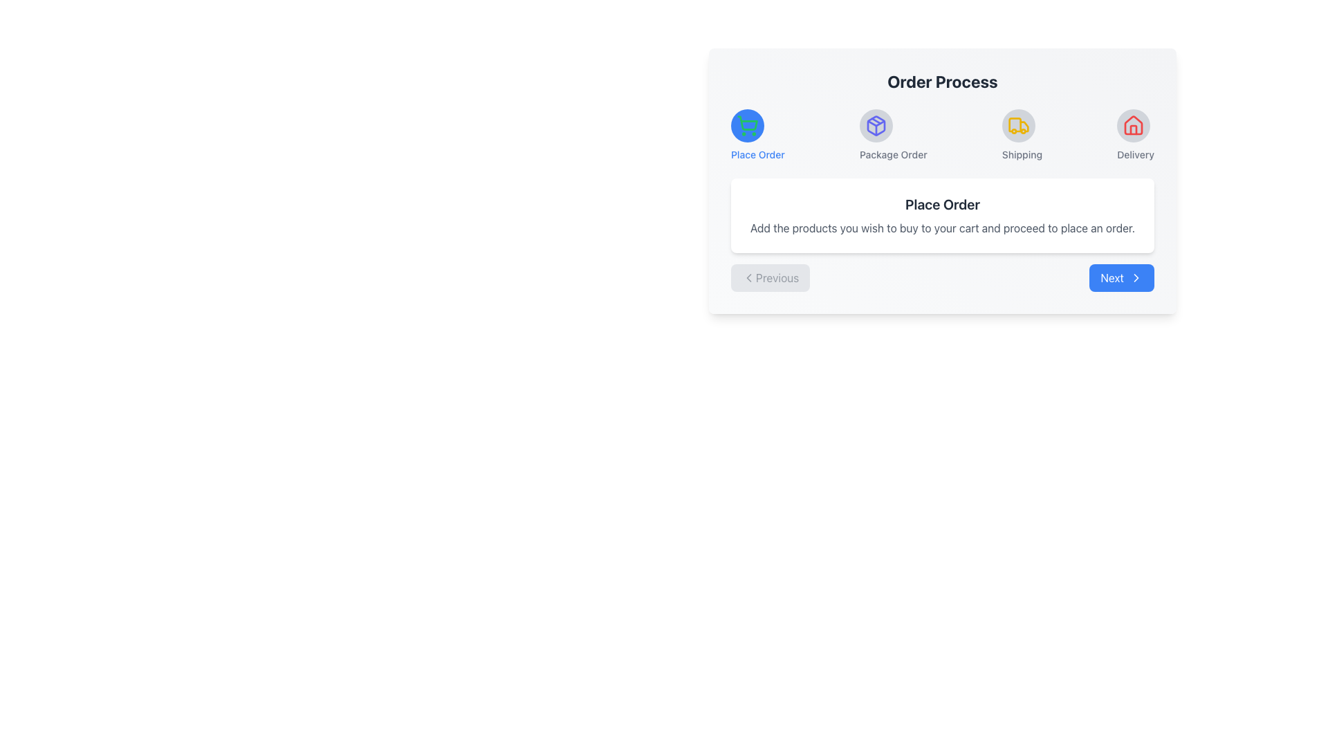  What do you see at coordinates (876, 125) in the screenshot?
I see `the outlined 3D box icon in indigo color representing the second step 'Package Order' in the navigation bar of the 'Order Process'` at bounding box center [876, 125].